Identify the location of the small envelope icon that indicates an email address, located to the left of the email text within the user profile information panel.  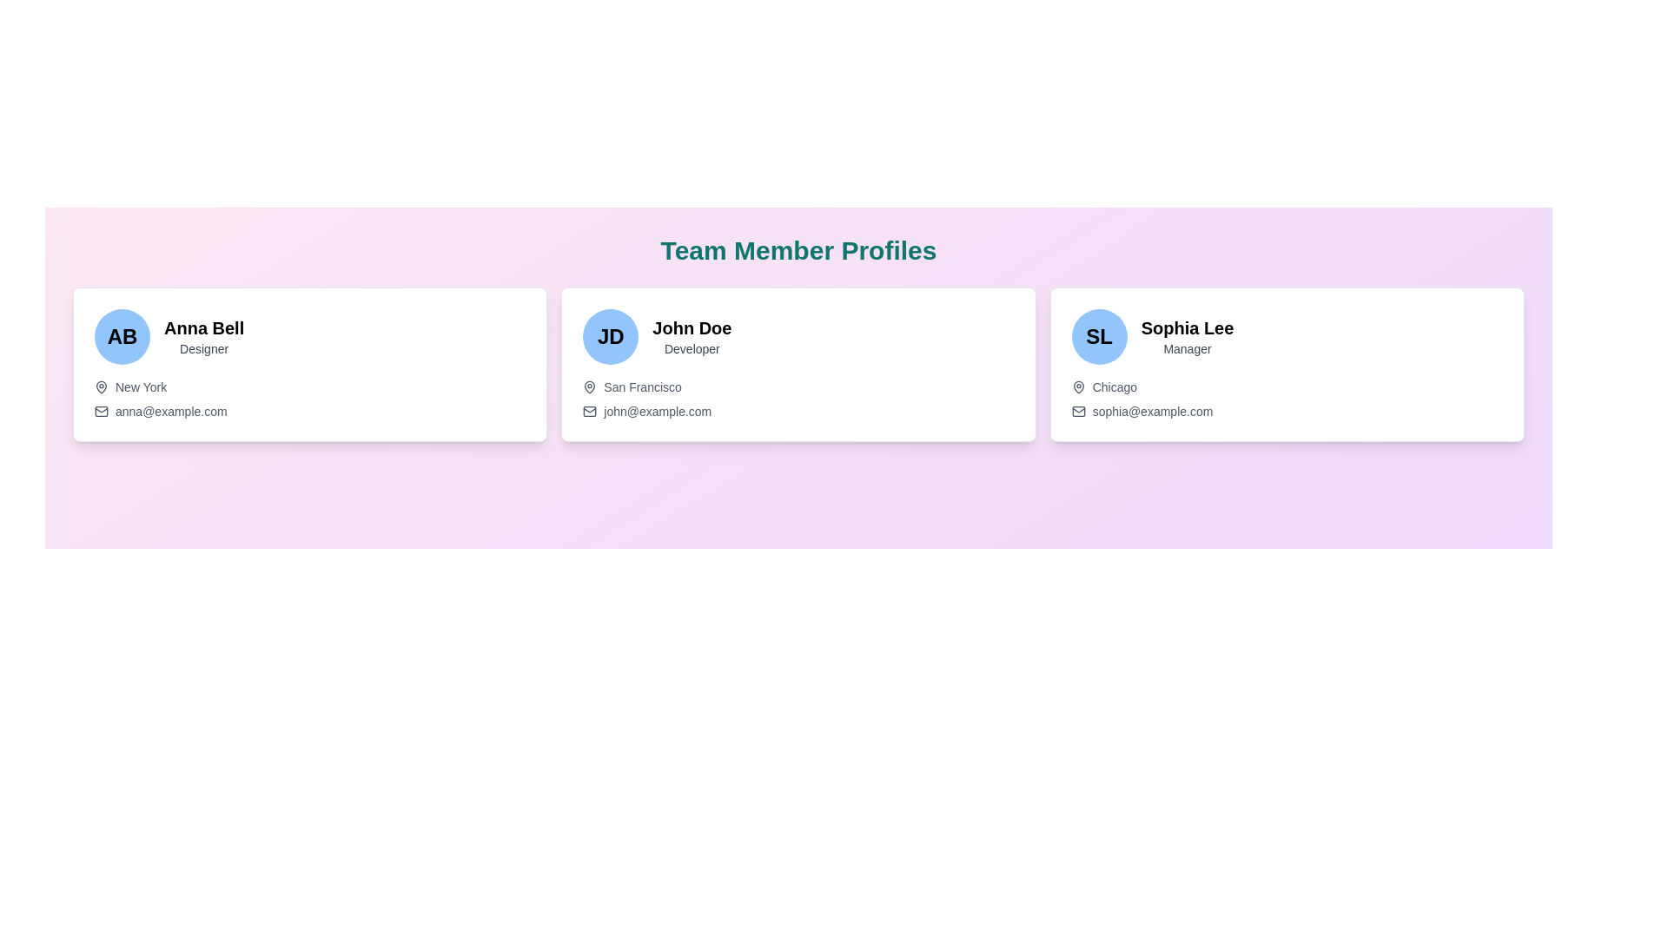
(100, 412).